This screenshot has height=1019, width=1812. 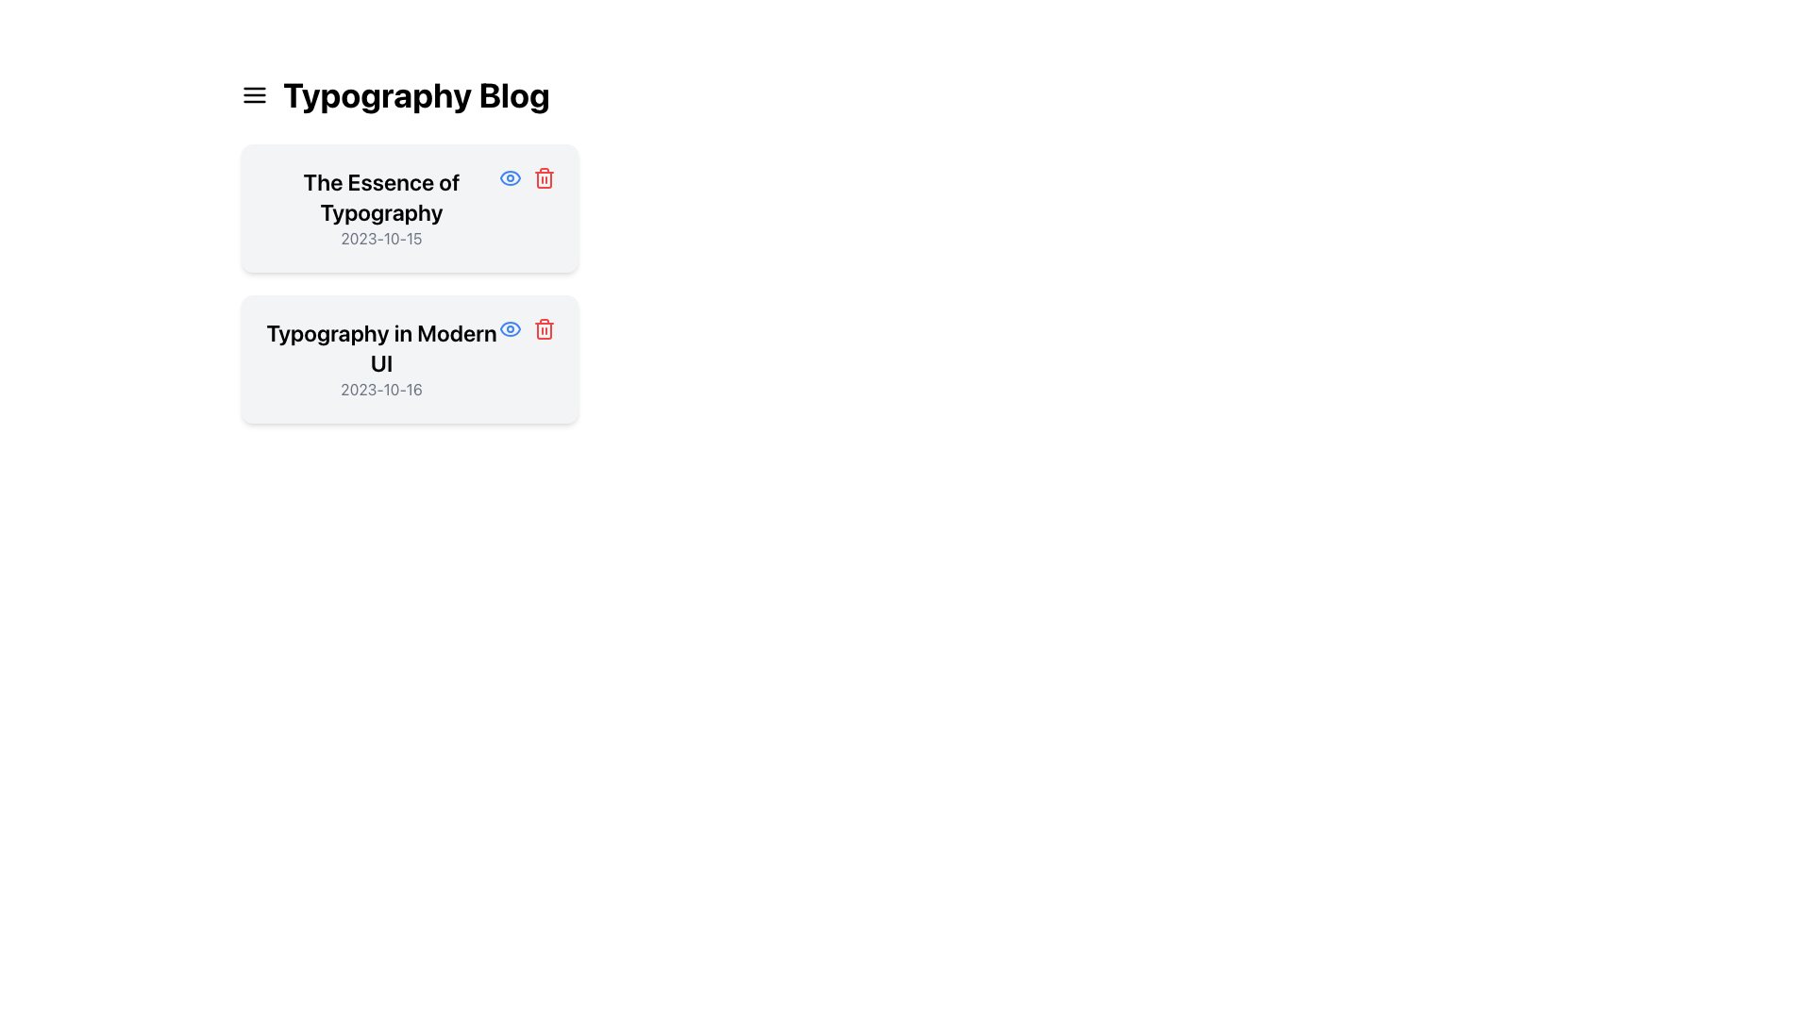 What do you see at coordinates (543, 327) in the screenshot?
I see `the red trash icon button, which signifies a 'delete' action, located at the far right side of the item box for the second post in the list` at bounding box center [543, 327].